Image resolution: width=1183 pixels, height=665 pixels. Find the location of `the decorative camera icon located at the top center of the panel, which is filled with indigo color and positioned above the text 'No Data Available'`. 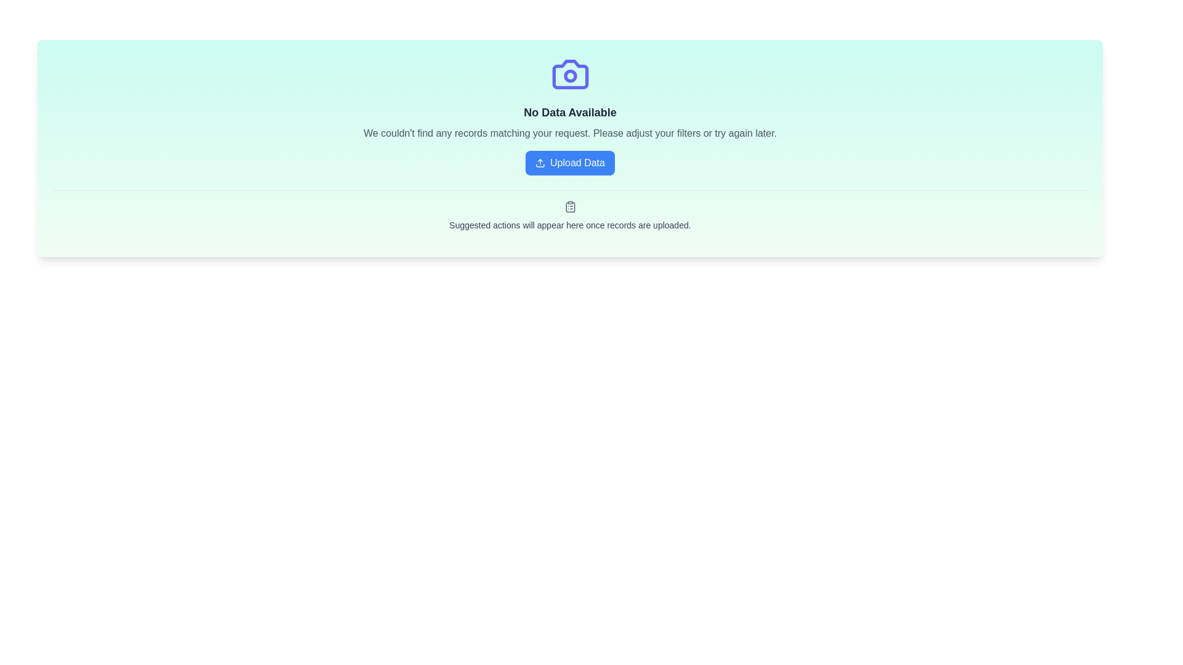

the decorative camera icon located at the top center of the panel, which is filled with indigo color and positioned above the text 'No Data Available' is located at coordinates (569, 74).